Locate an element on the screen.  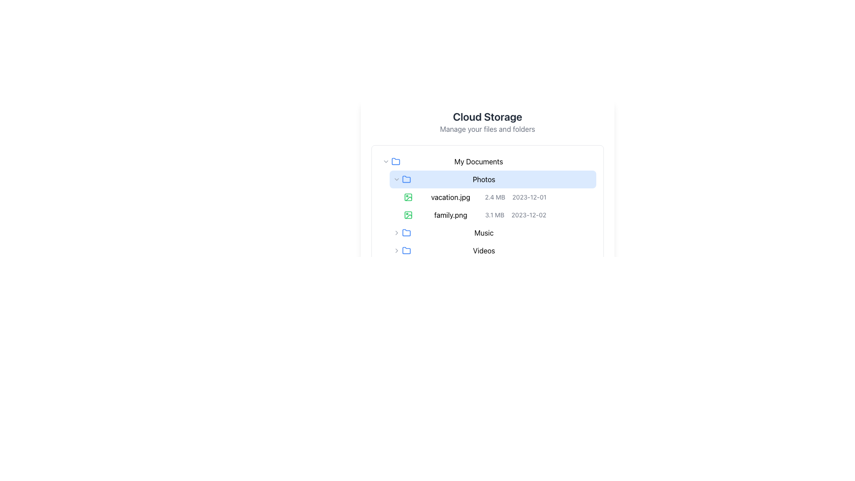
the folder icon located in the 'My Documents' section, which is to the right of a small arrow icon indicating collapsibility is located at coordinates (395, 161).